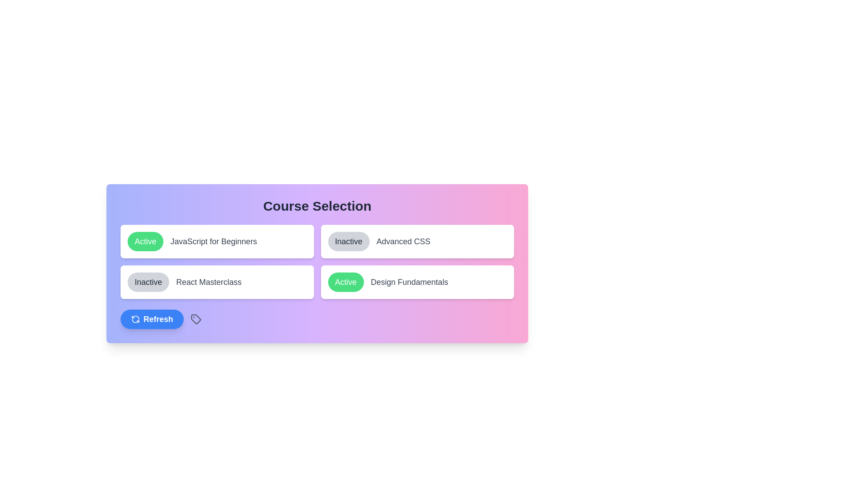 Image resolution: width=848 pixels, height=477 pixels. What do you see at coordinates (135, 319) in the screenshot?
I see `the refresh icon located on the left side of the 'Refresh' button in the lower-left corner of the 'Course Selection' card interface` at bounding box center [135, 319].